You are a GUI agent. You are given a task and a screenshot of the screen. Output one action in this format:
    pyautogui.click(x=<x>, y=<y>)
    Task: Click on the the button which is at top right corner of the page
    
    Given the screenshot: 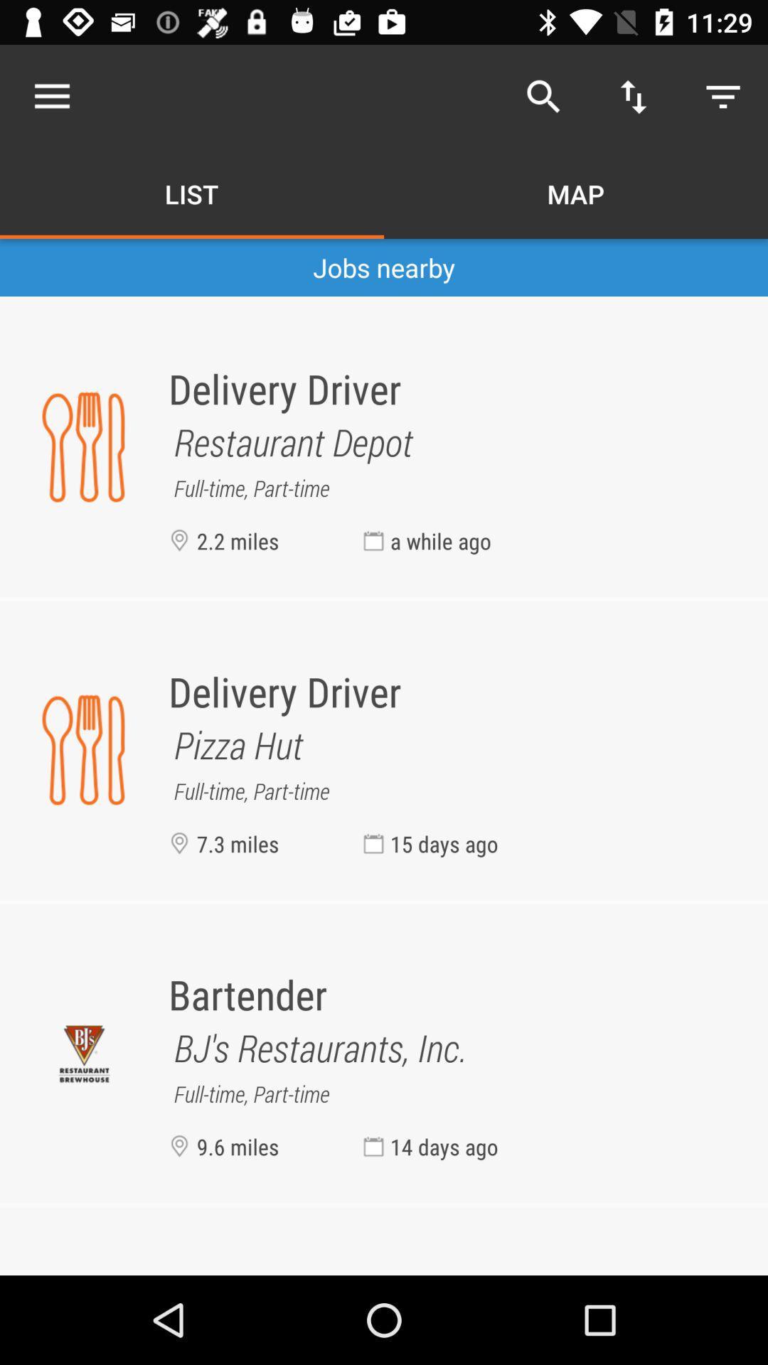 What is the action you would take?
    pyautogui.click(x=723, y=97)
    